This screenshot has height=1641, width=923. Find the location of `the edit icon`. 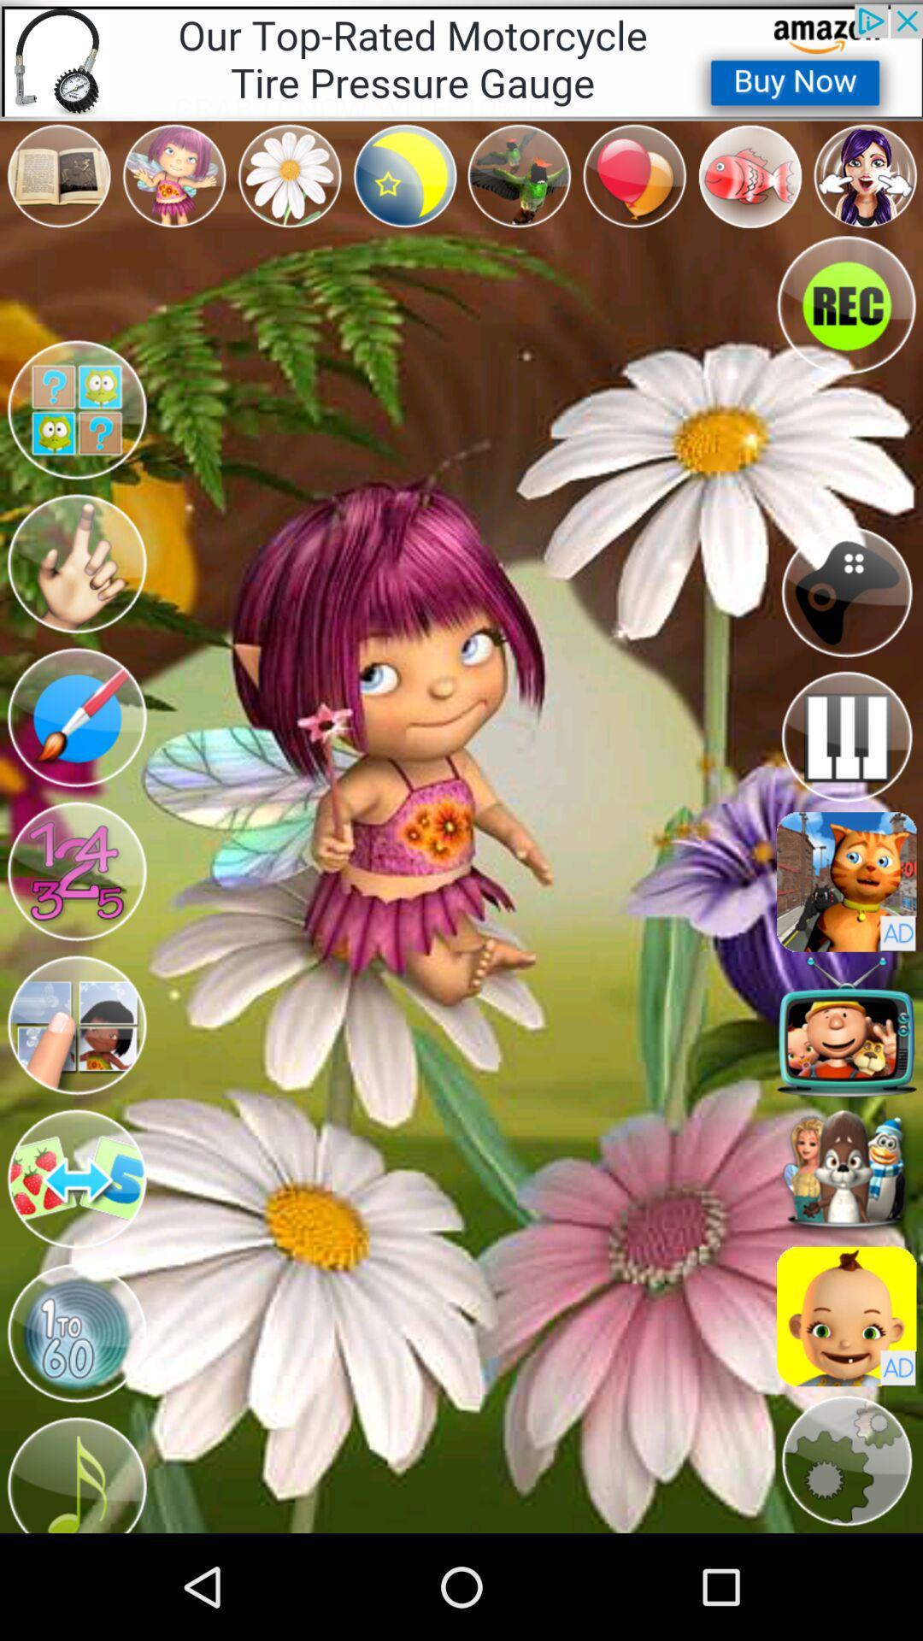

the edit icon is located at coordinates (75, 767).